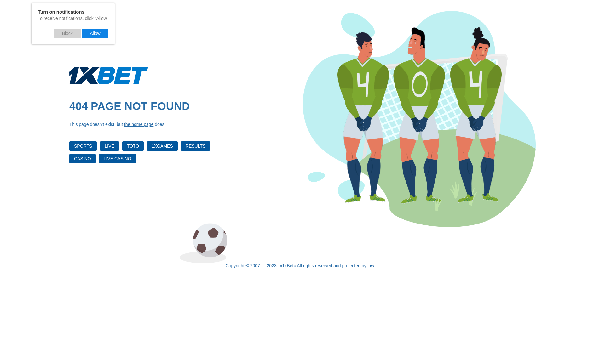 This screenshot has height=340, width=605. I want to click on 'SPORTS', so click(69, 146).